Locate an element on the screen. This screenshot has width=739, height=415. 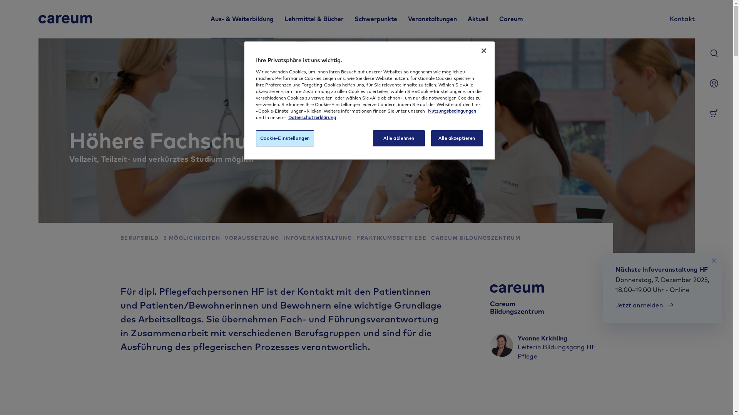
'BERUFSBILD' is located at coordinates (139, 238).